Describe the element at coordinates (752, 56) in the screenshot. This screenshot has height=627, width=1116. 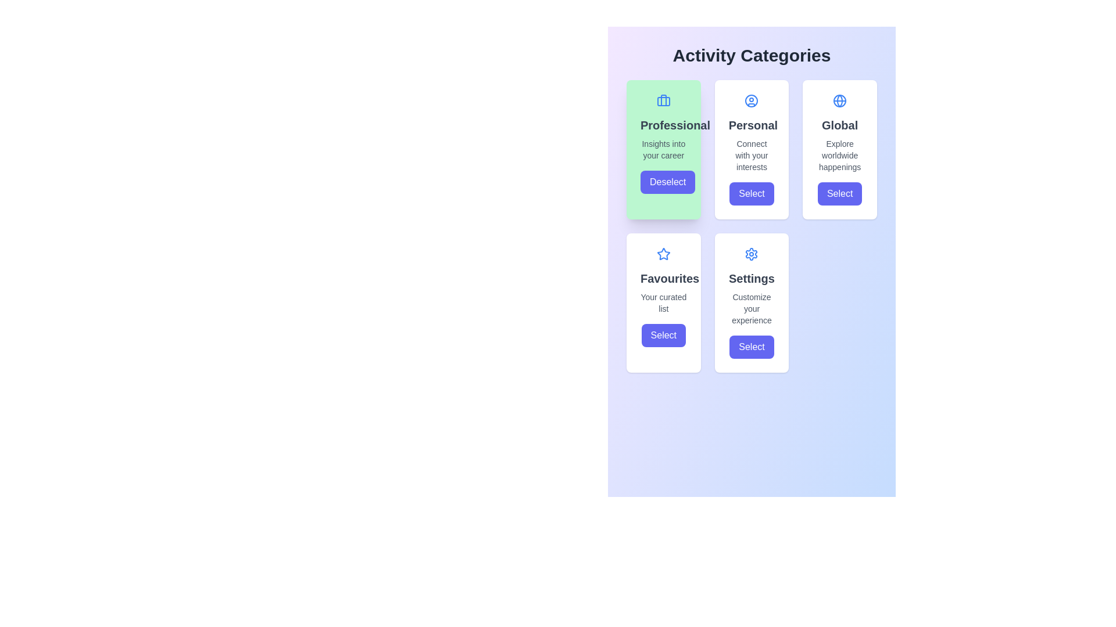
I see `heading text located at the upper boundary of the content area, which introduces the section listing different activity categories` at that location.